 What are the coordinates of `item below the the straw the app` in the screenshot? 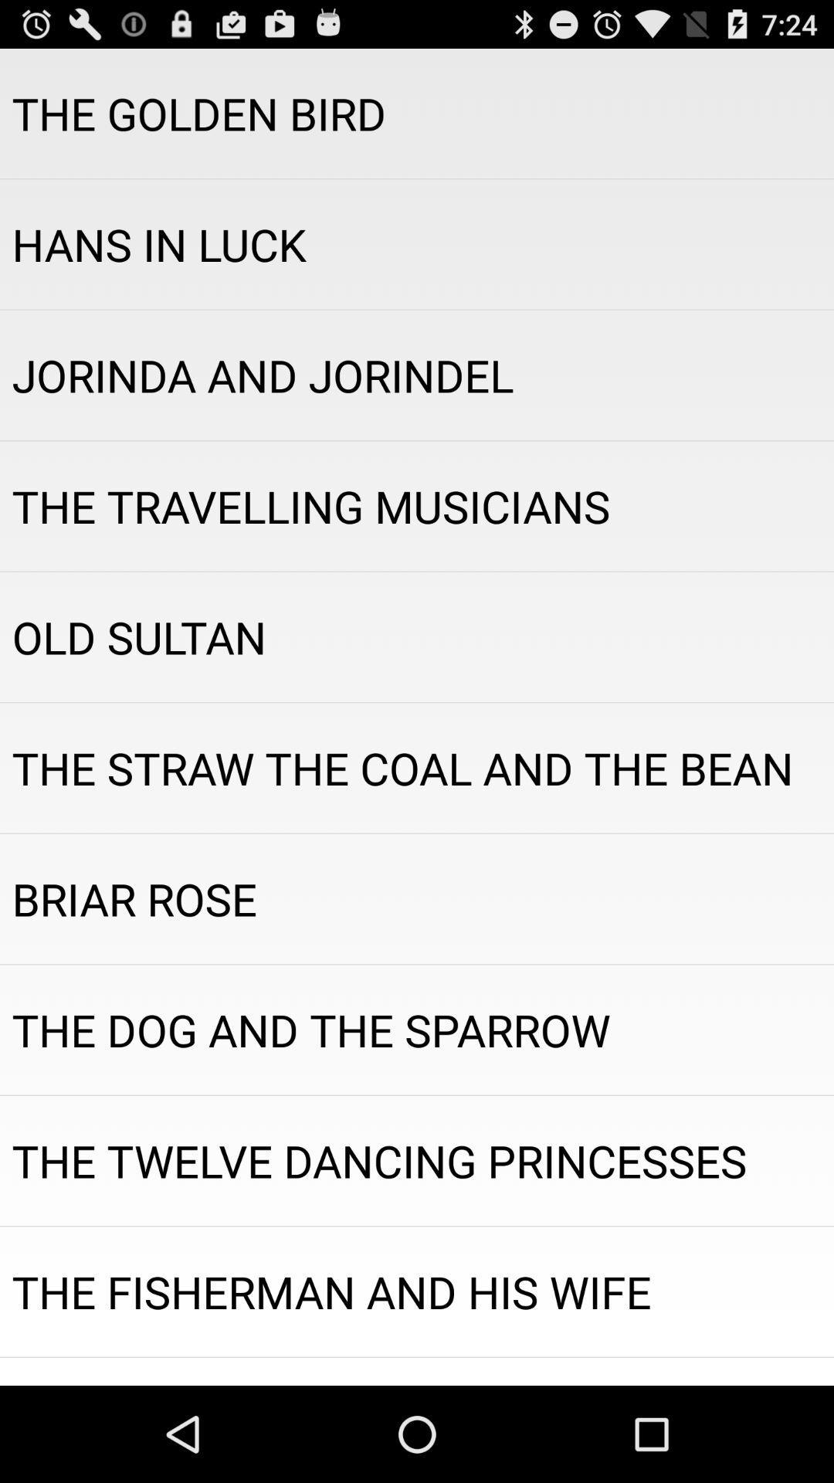 It's located at (417, 898).